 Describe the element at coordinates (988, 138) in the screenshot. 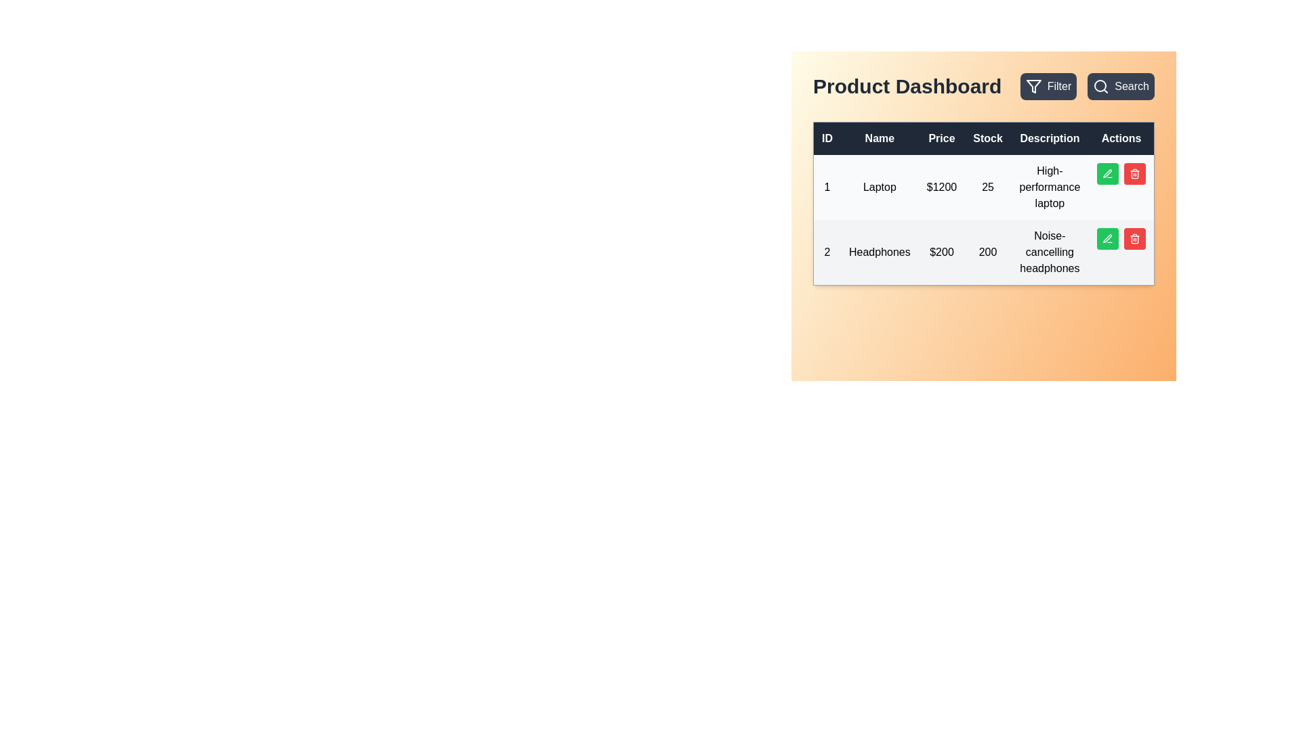

I see `the 'Stock' text label, which is a bold white font on a dark background, located in the header row of the table` at that location.